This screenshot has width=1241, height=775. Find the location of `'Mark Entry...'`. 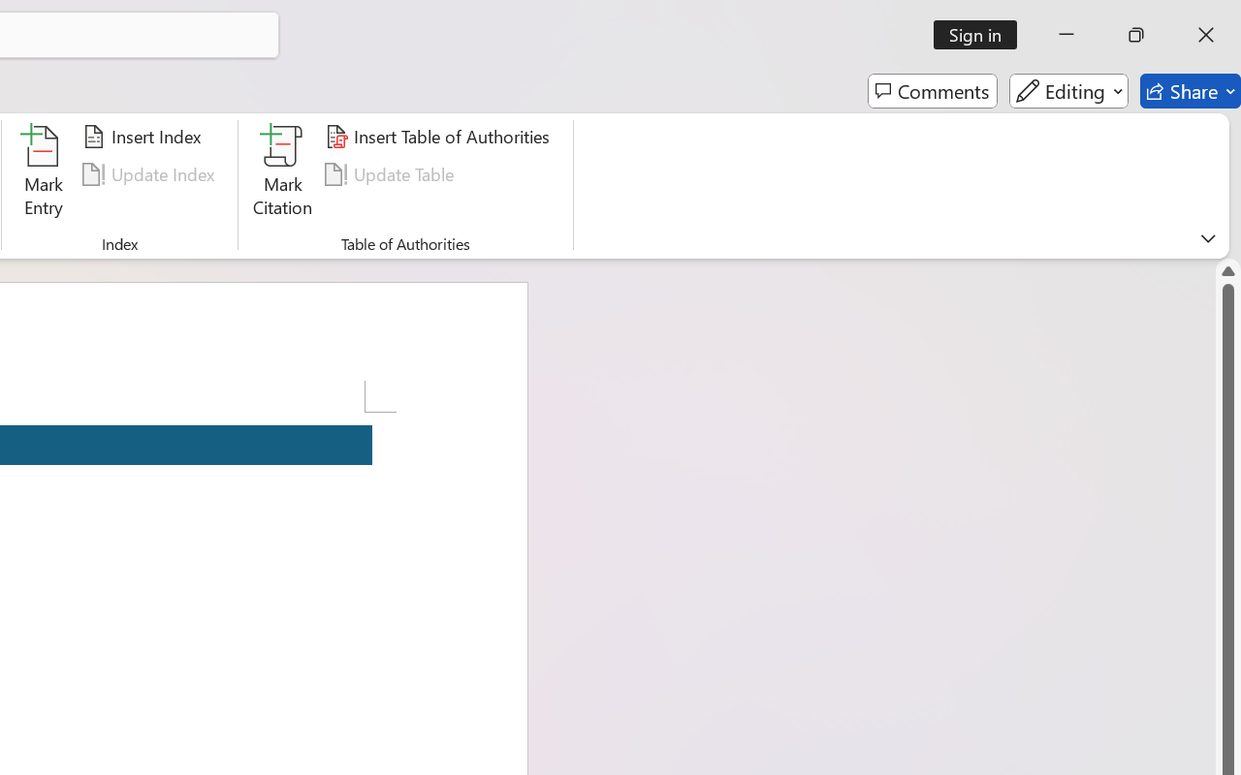

'Mark Entry...' is located at coordinates (43, 173).